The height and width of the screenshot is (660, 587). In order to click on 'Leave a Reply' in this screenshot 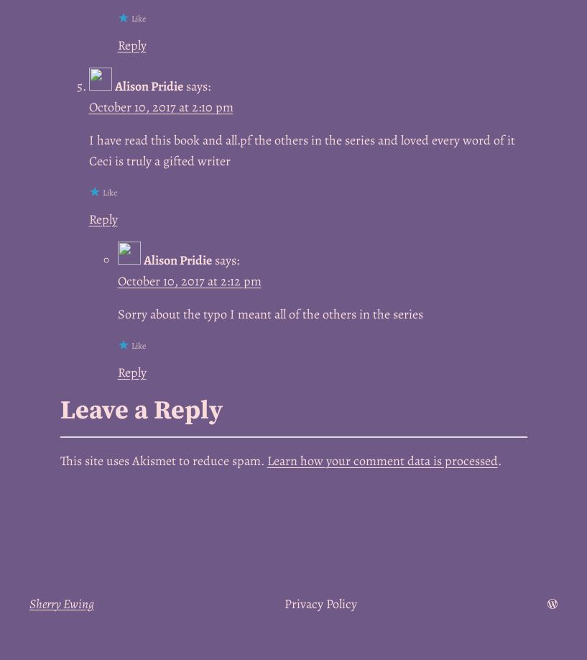, I will do `click(139, 409)`.